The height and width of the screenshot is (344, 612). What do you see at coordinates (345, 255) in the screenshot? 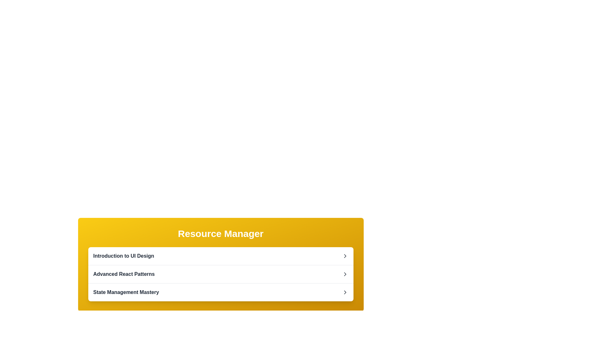
I see `the right-facing chevron arrow indicator located within the 'Resource Manager' card` at bounding box center [345, 255].